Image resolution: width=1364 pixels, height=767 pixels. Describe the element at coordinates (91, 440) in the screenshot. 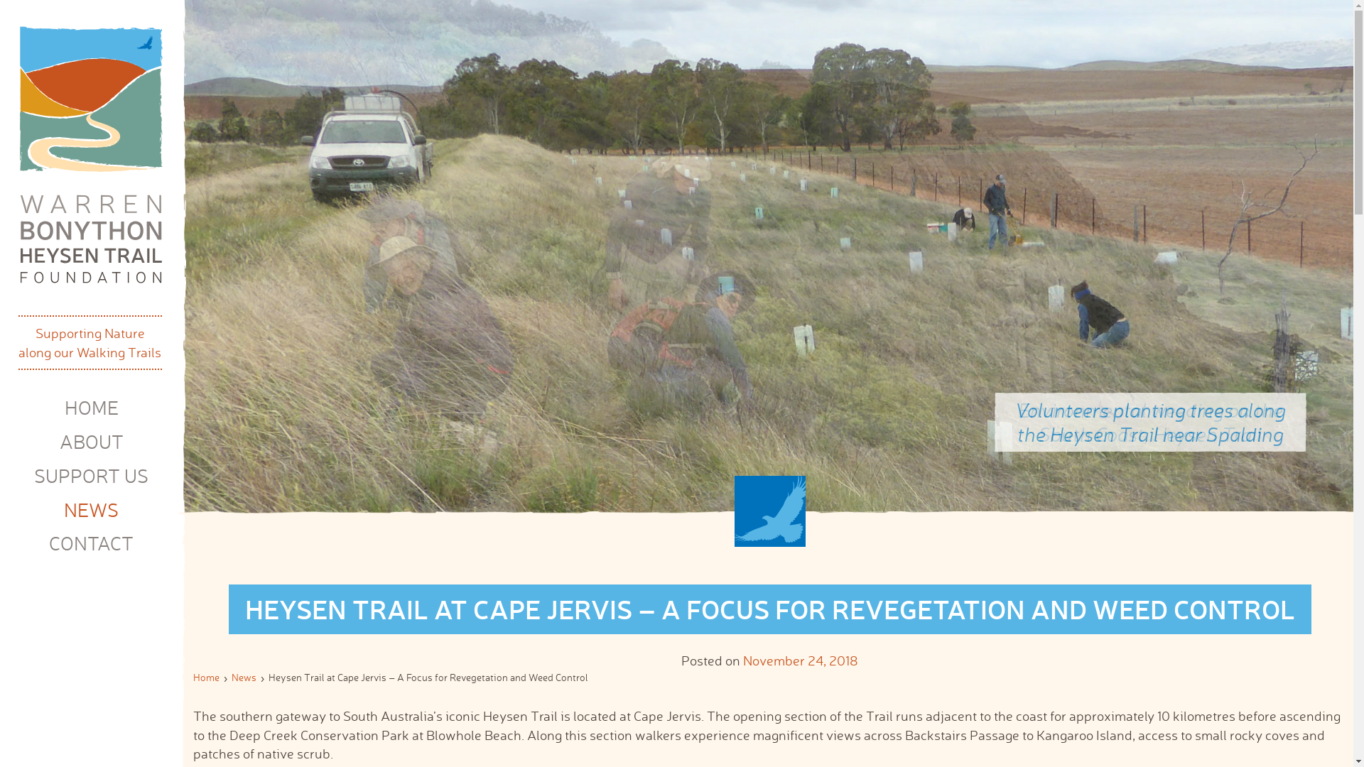

I see `'ABOUT'` at that location.